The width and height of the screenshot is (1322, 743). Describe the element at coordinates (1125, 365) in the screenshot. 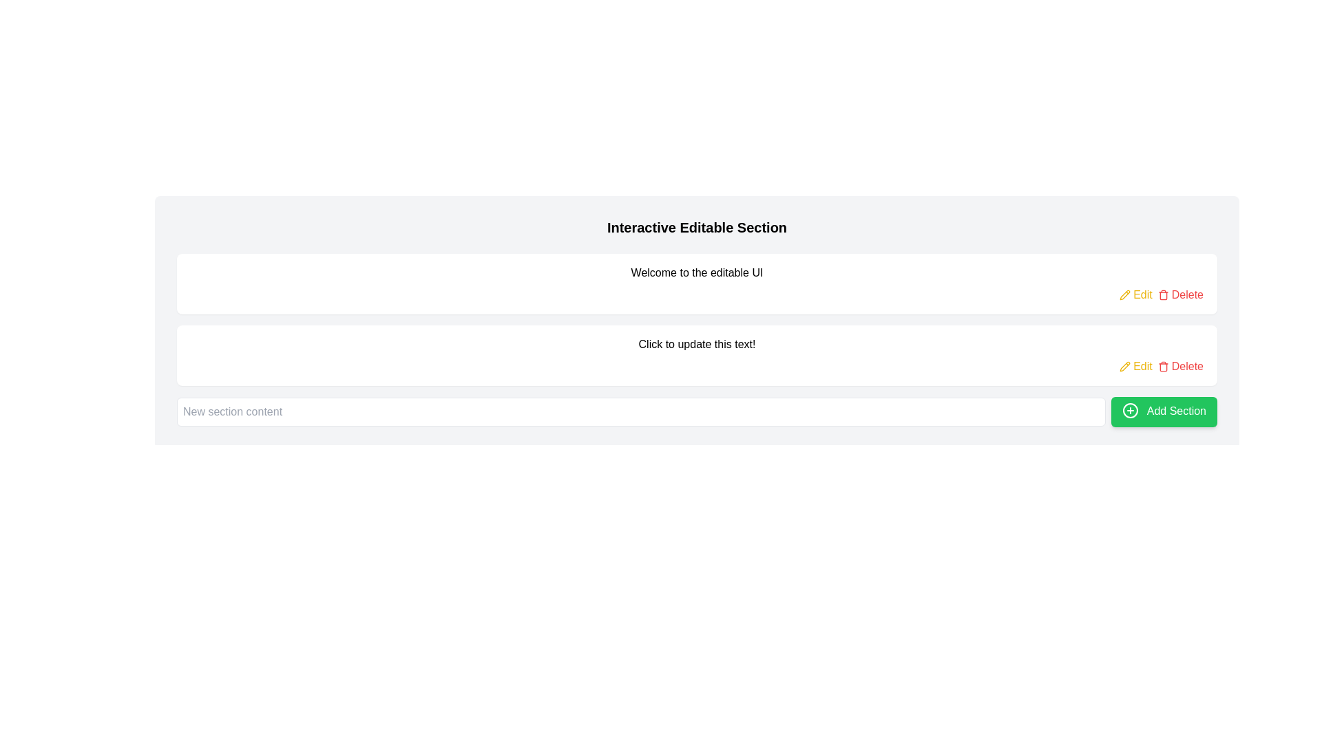

I see `the edit icon located in the top-right of the second editable text section` at that location.